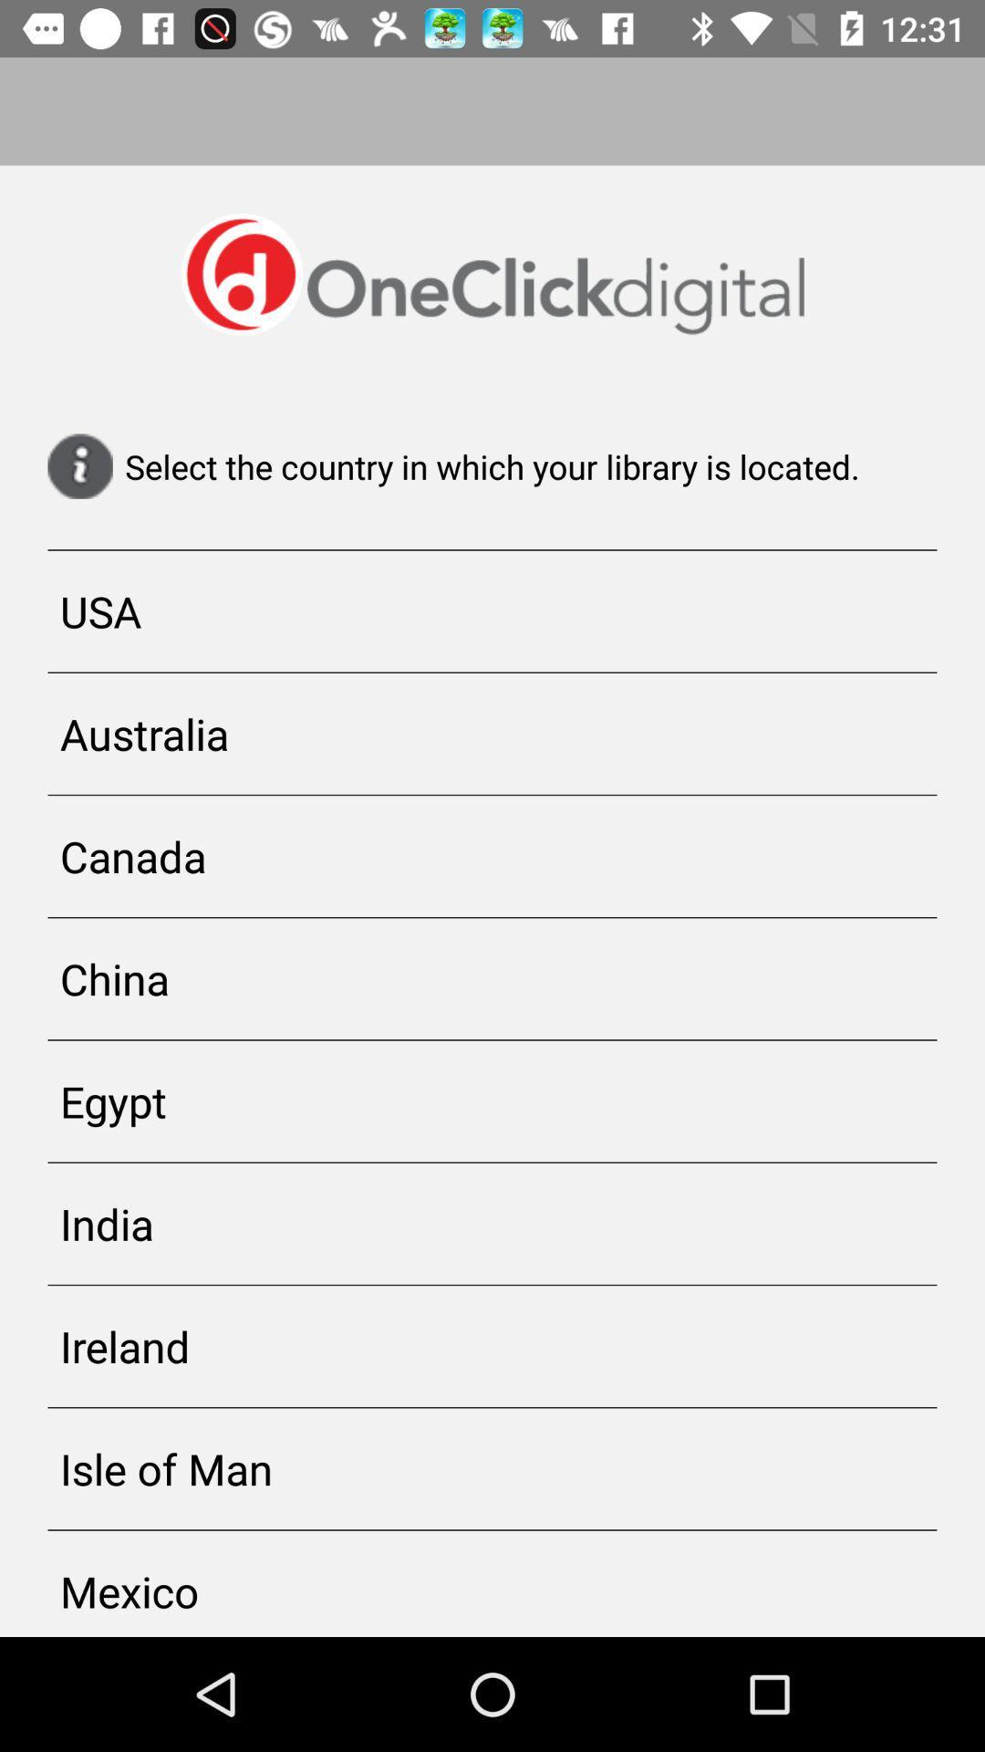  Describe the element at coordinates (493, 1582) in the screenshot. I see `the app below the isle of man item` at that location.